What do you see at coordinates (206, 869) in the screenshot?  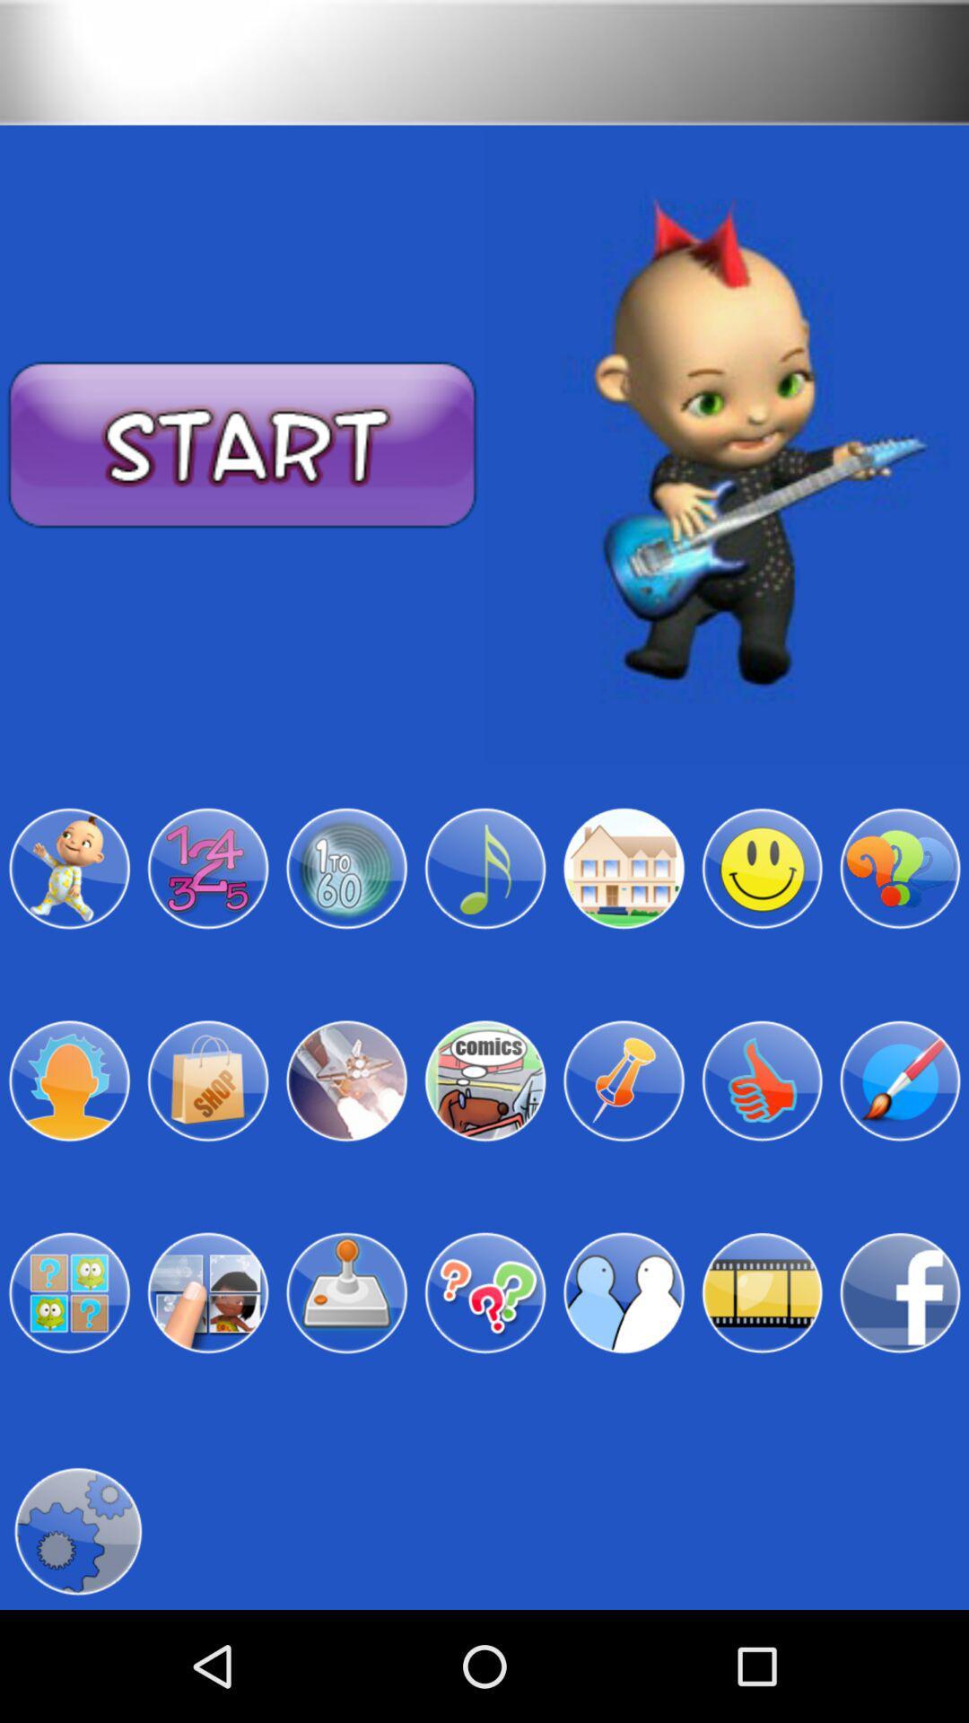 I see `numbers` at bounding box center [206, 869].